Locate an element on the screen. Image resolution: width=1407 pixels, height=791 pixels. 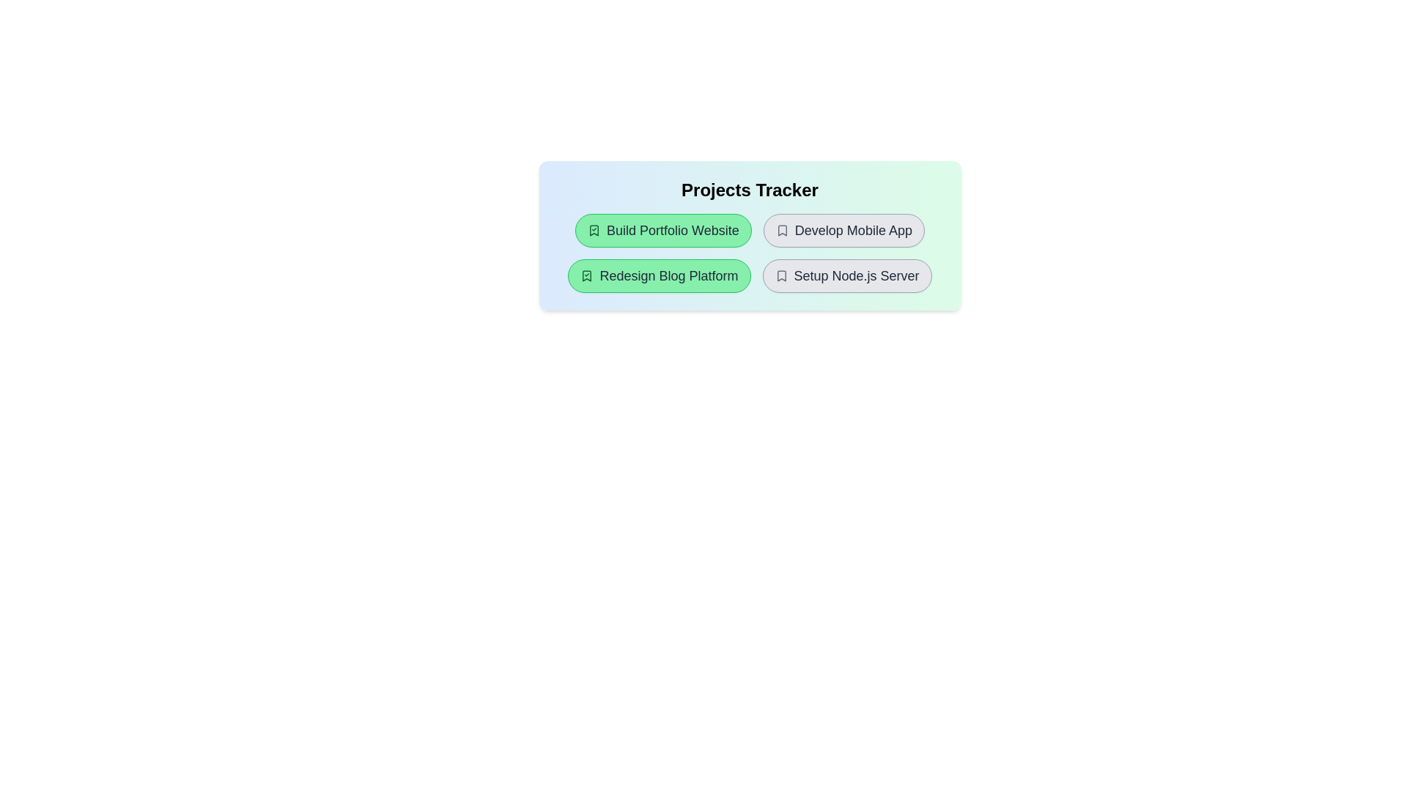
the project item Redesign Blog Platform to toggle its completion state is located at coordinates (658, 276).